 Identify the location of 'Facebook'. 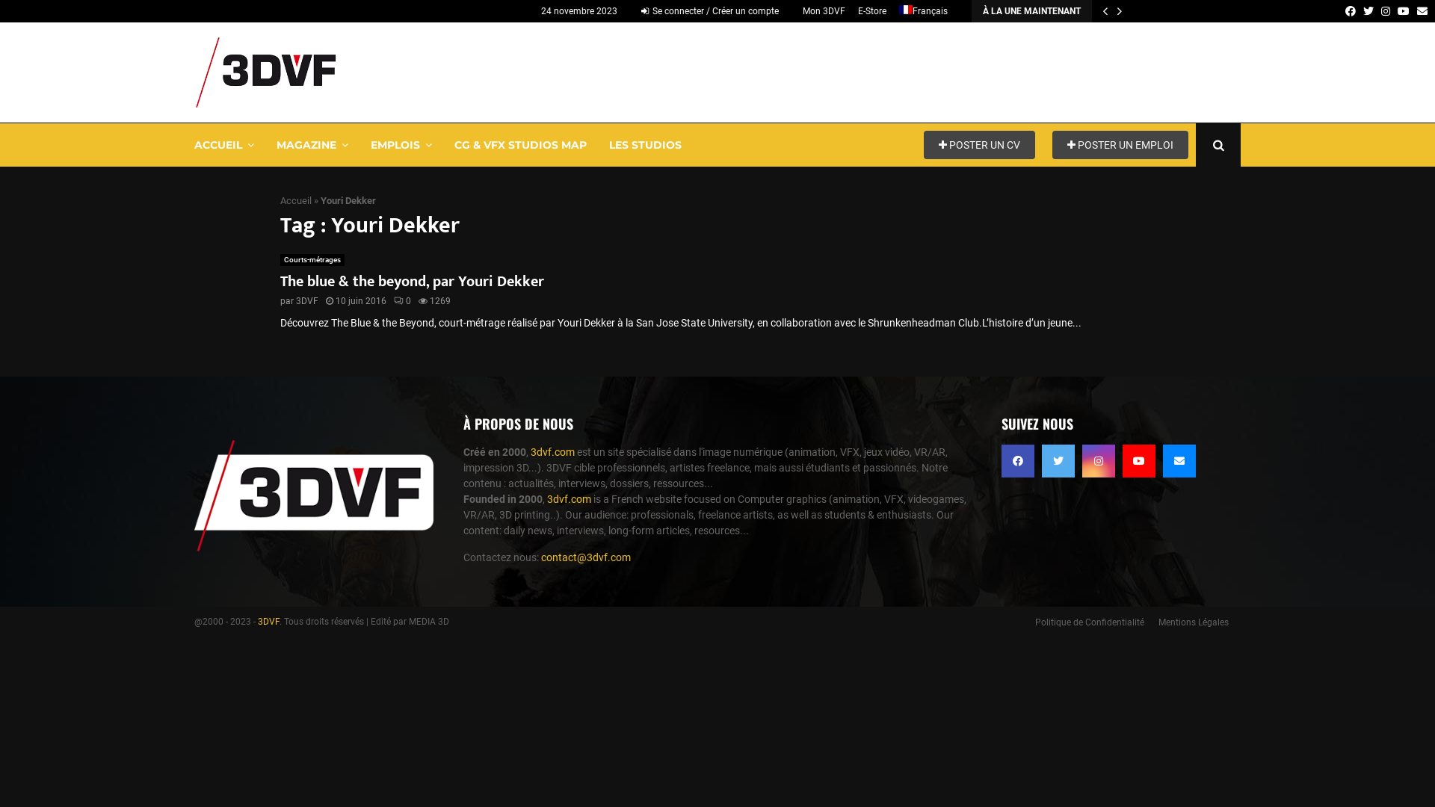
(1017, 460).